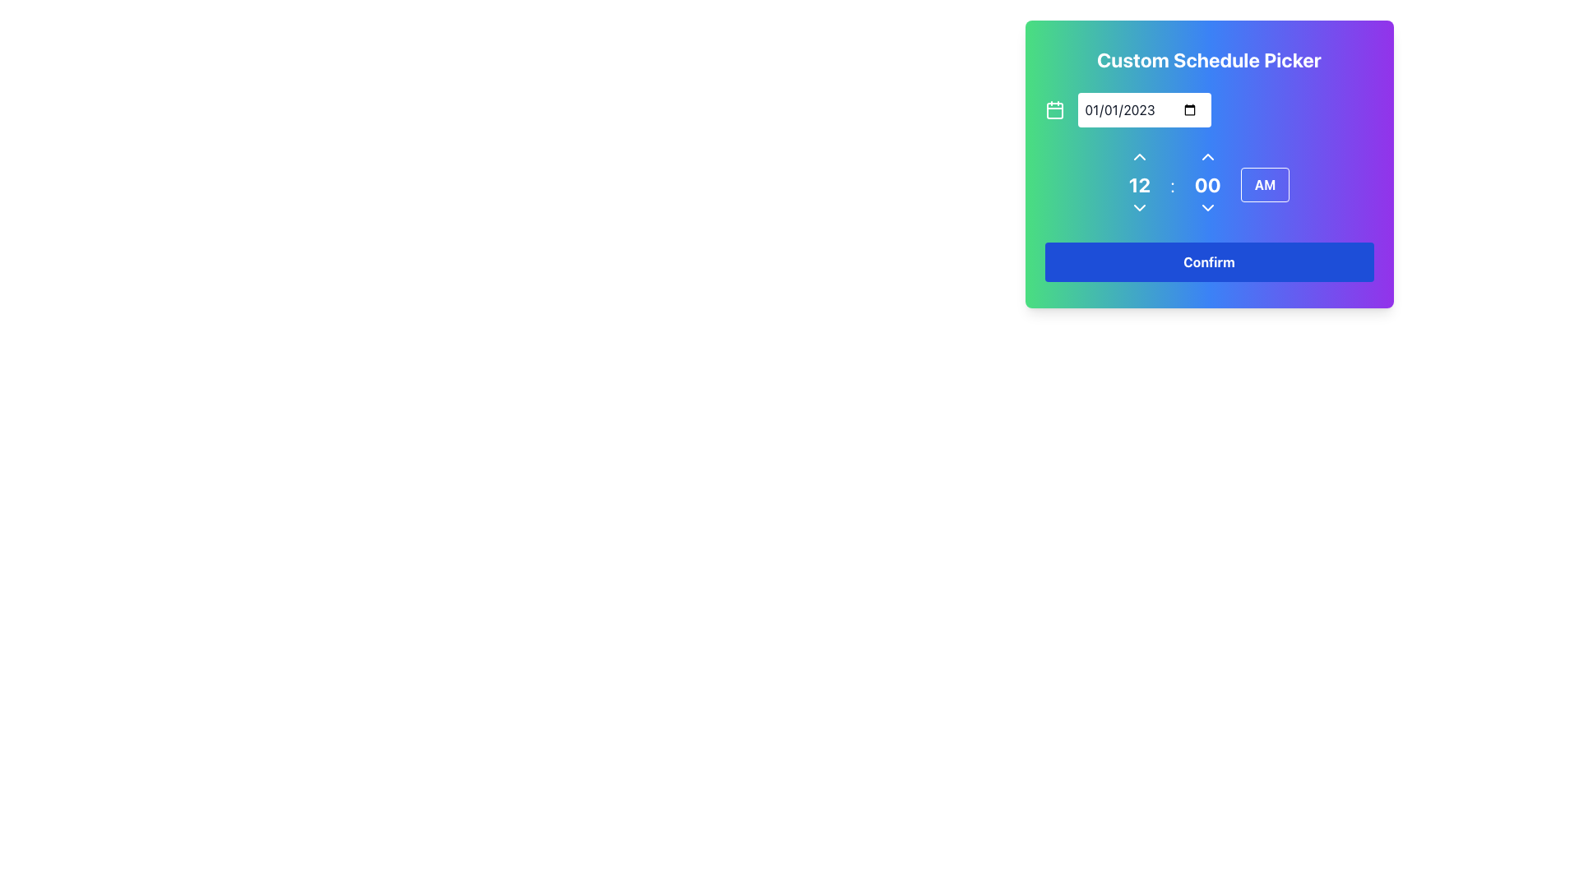 The height and width of the screenshot is (888, 1579). Describe the element at coordinates (1207, 184) in the screenshot. I see `the numeral '00' text display, which is styled in bold and large text, positioned centrally in the time selector area between upward and downward arrow buttons` at that location.